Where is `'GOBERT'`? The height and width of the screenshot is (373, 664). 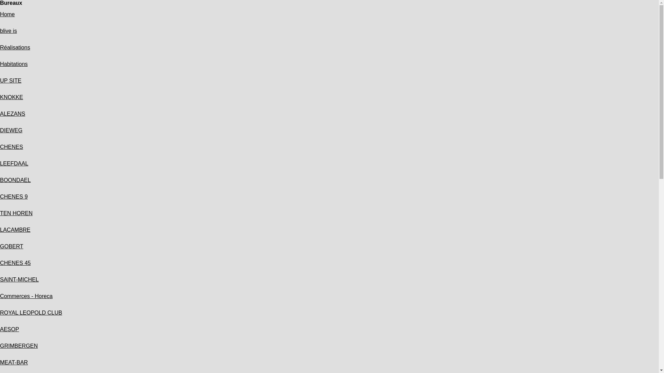 'GOBERT' is located at coordinates (11, 246).